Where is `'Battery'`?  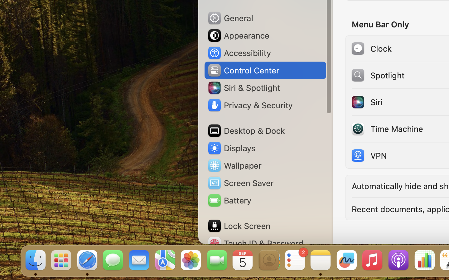 'Battery' is located at coordinates (229, 200).